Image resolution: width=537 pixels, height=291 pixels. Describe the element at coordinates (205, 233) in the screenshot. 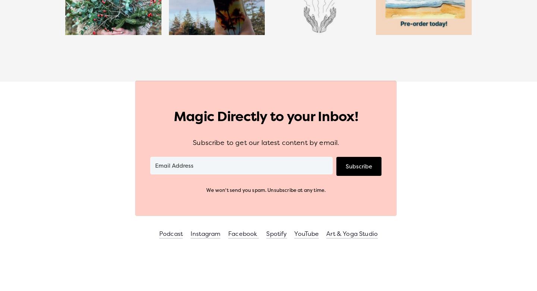

I see `'Instagram'` at that location.